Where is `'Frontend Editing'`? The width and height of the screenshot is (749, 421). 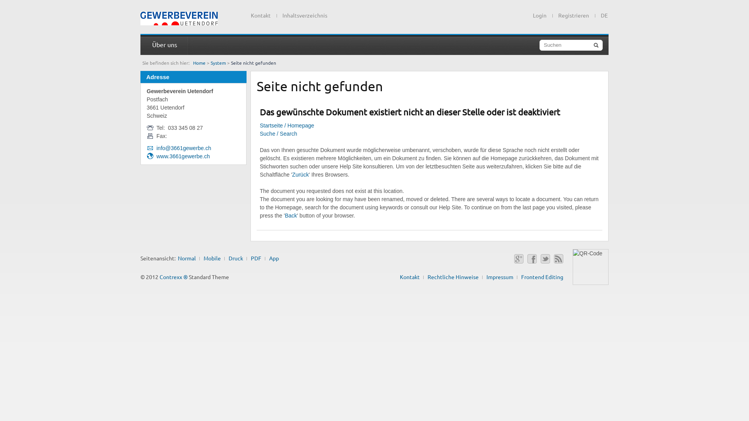
'Frontend Editing' is located at coordinates (542, 276).